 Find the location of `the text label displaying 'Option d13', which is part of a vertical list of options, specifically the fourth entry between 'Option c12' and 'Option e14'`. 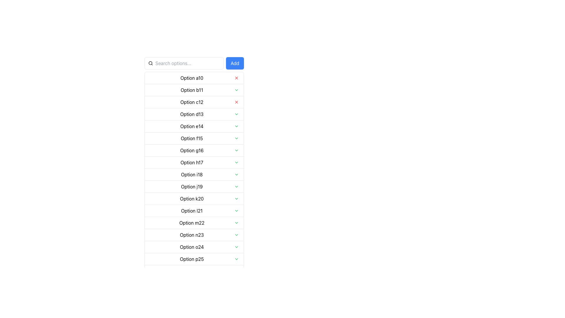

the text label displaying 'Option d13', which is part of a vertical list of options, specifically the fourth entry between 'Option c12' and 'Option e14' is located at coordinates (192, 114).